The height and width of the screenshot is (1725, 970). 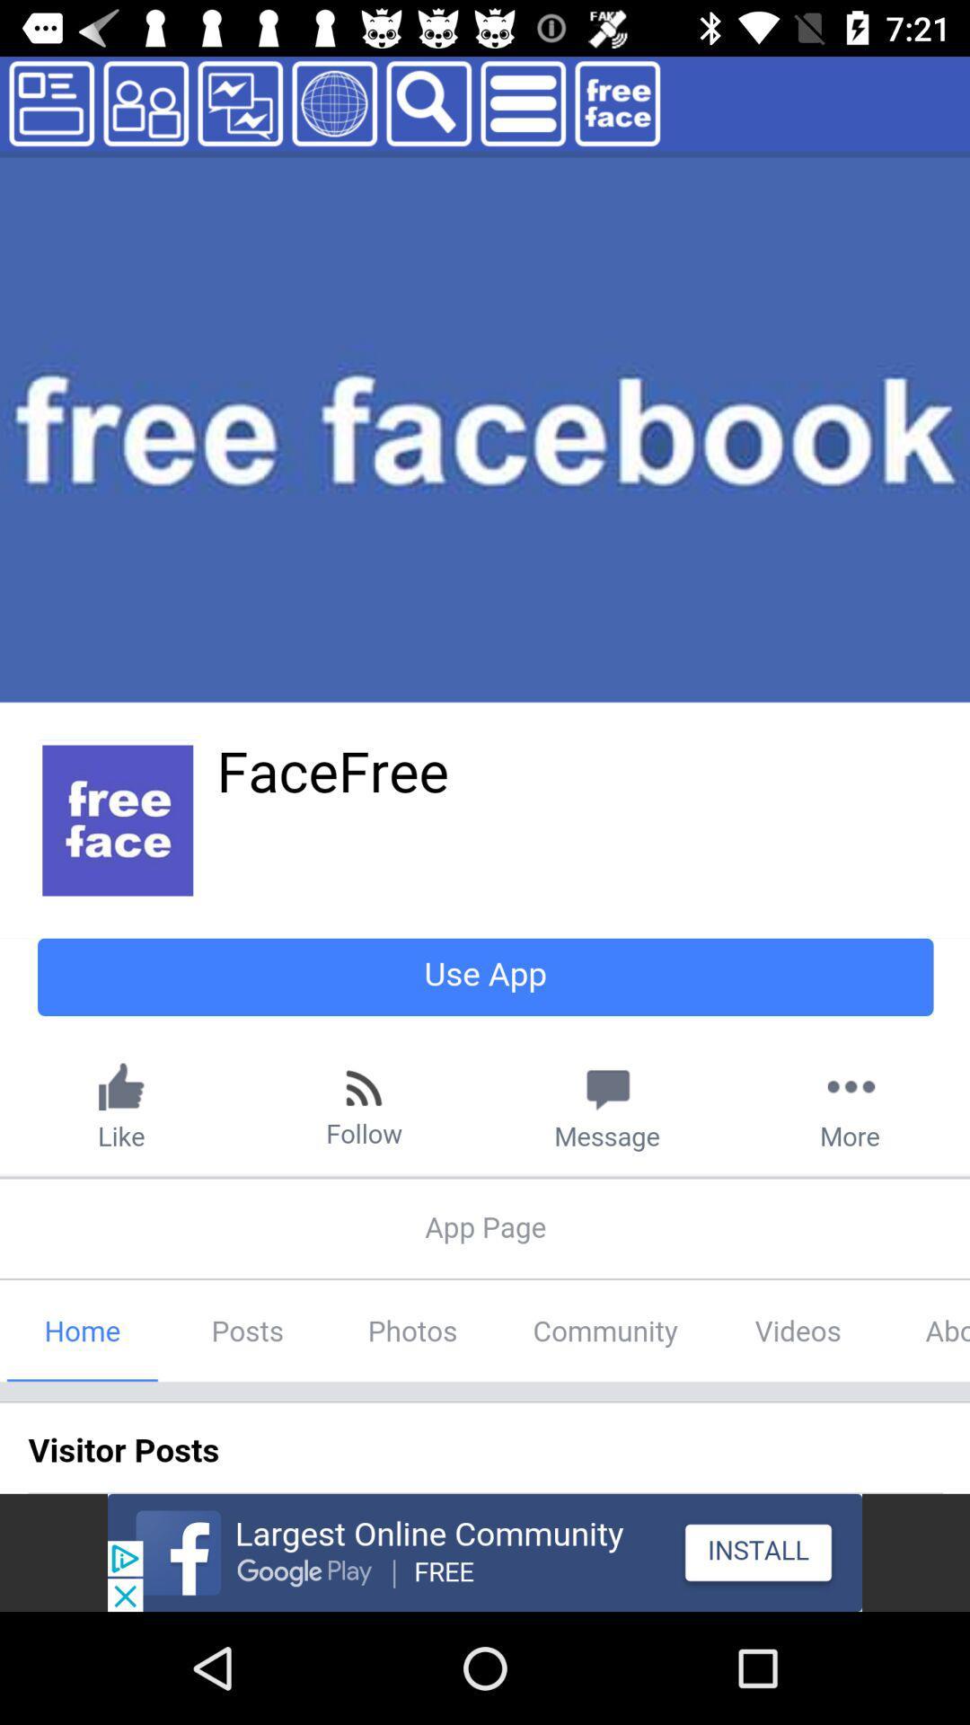 I want to click on the location_crosshair icon, so click(x=334, y=102).